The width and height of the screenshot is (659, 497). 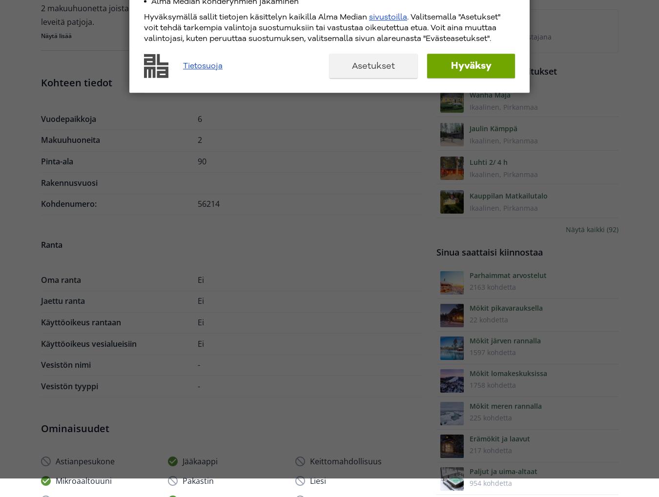 What do you see at coordinates (489, 94) in the screenshot?
I see `'Wanha Maja'` at bounding box center [489, 94].